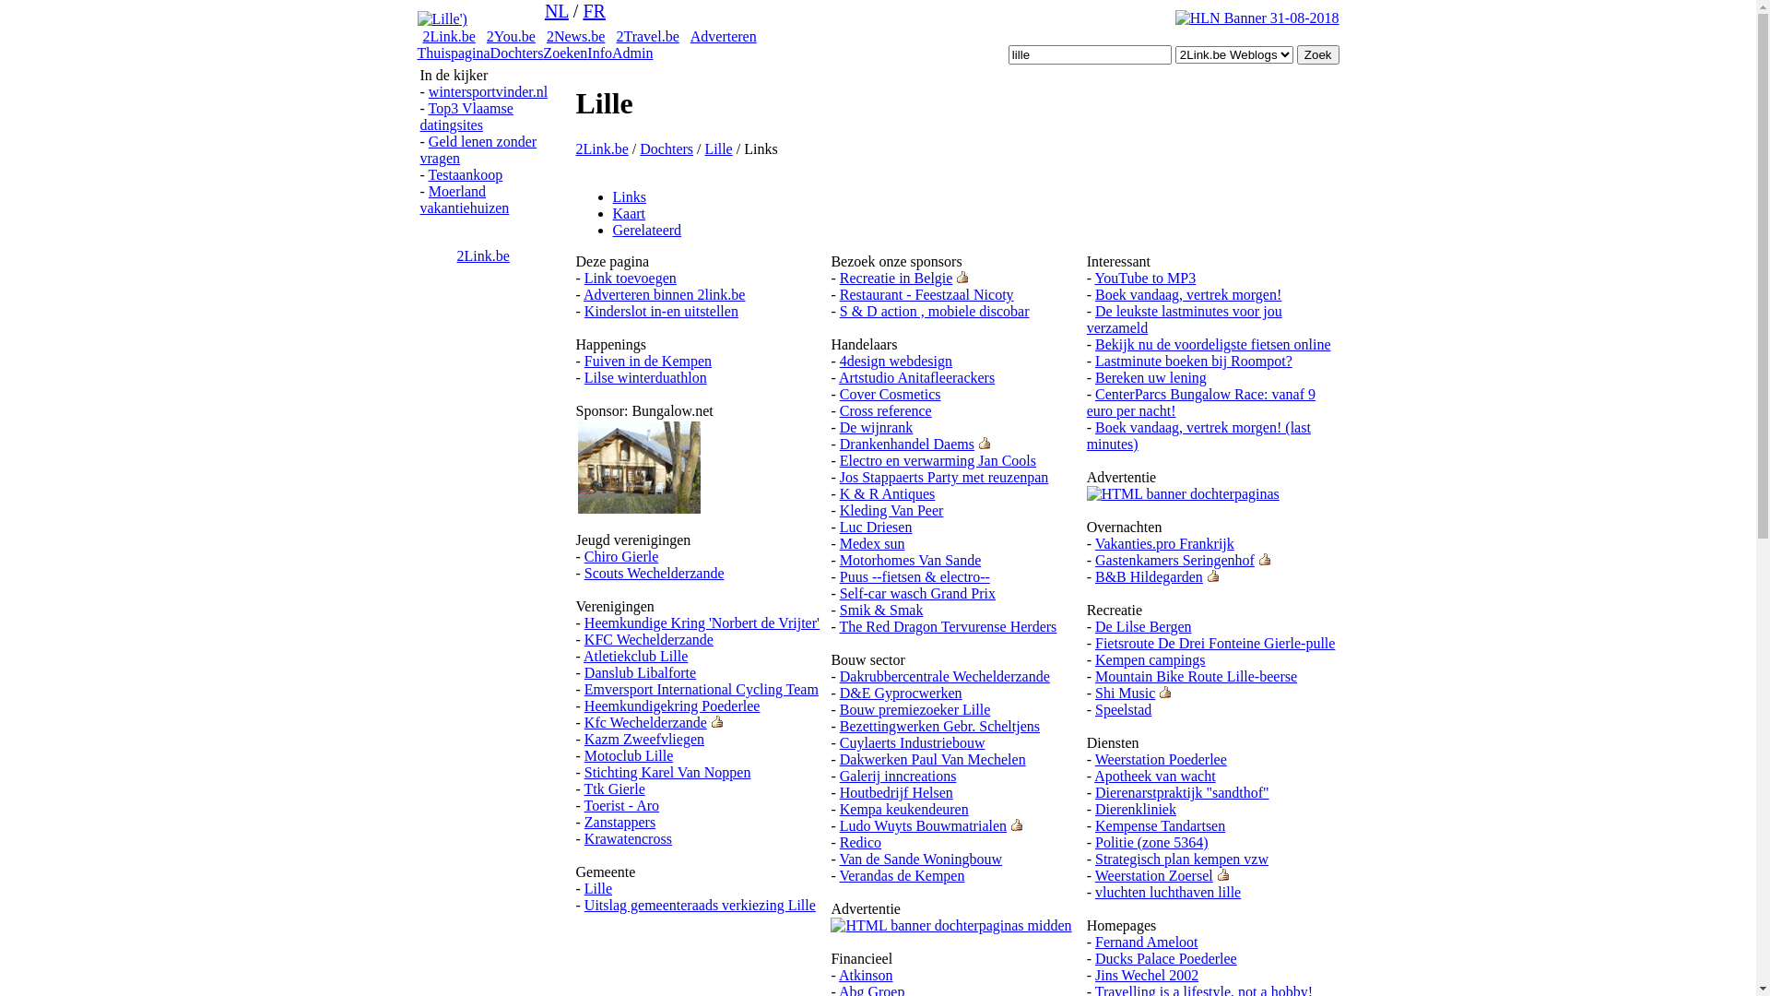 This screenshot has height=996, width=1770. Describe the element at coordinates (583, 293) in the screenshot. I see `'Adverteren binnen 2link.be'` at that location.